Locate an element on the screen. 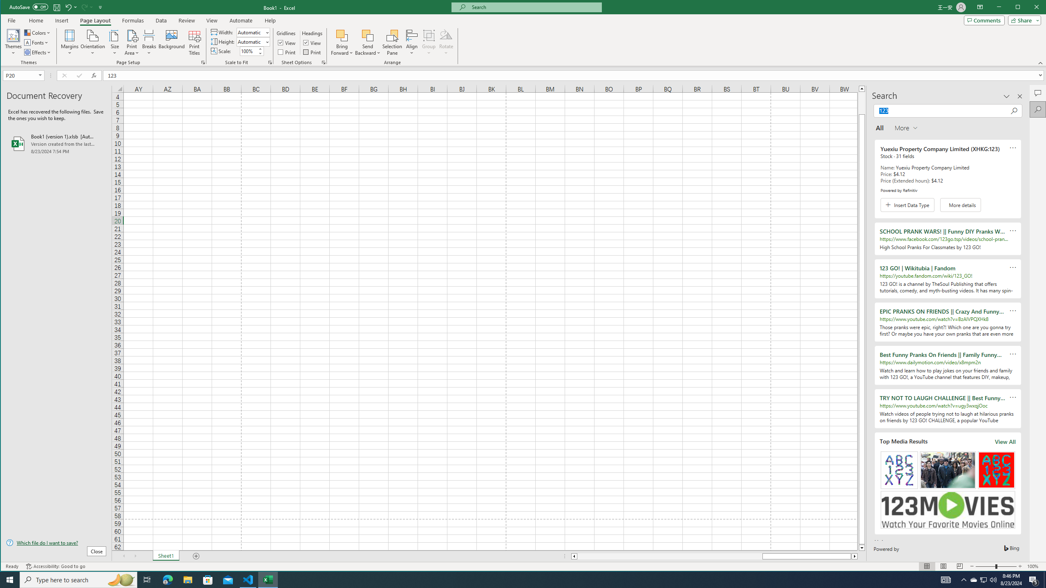 The height and width of the screenshot is (588, 1046). 'Page up' is located at coordinates (861, 102).